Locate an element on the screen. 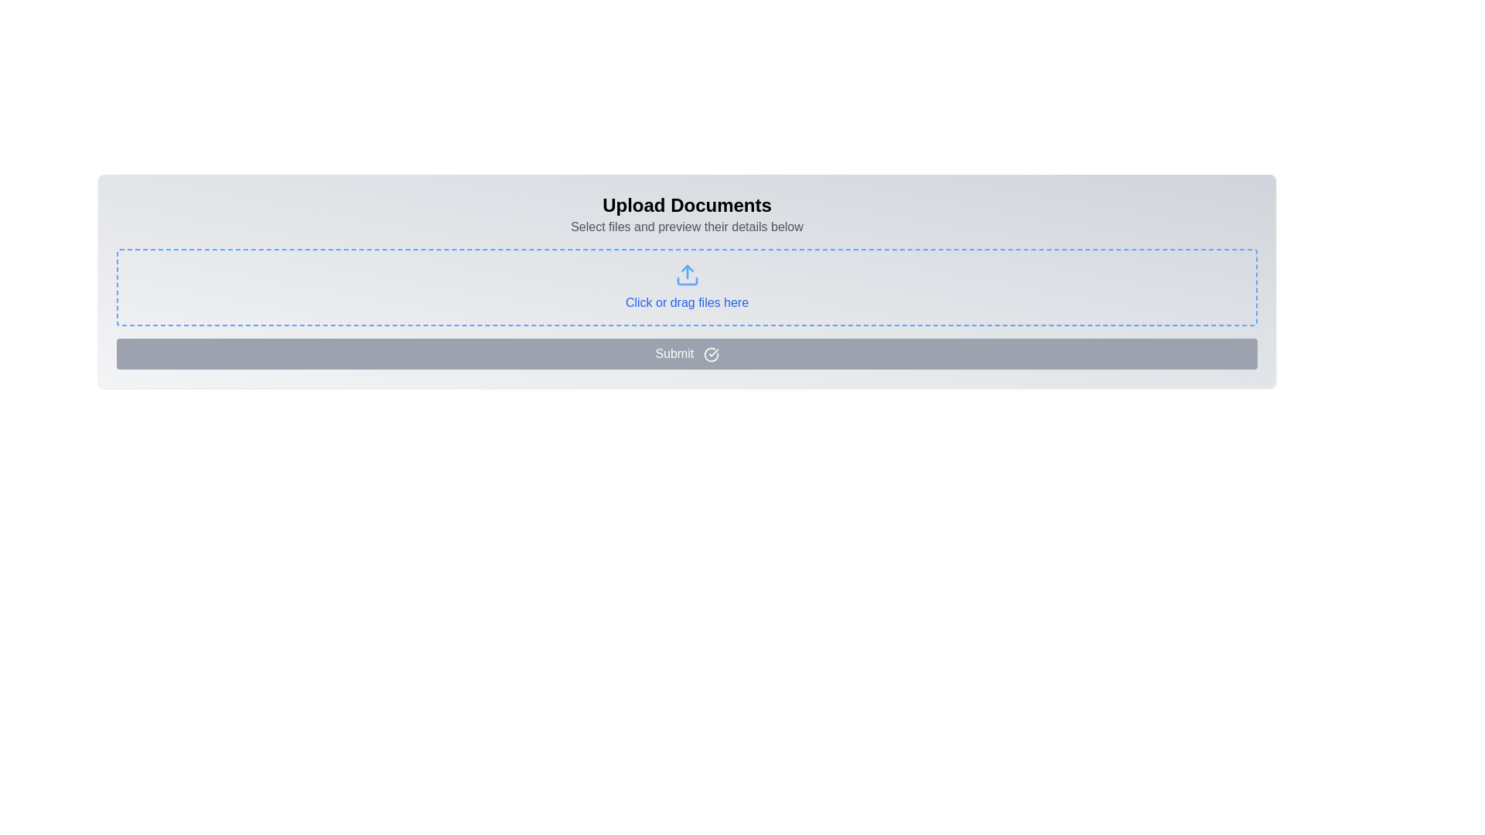 This screenshot has height=835, width=1485. the submit button located at the bottom of the file upload area is located at coordinates (686, 354).